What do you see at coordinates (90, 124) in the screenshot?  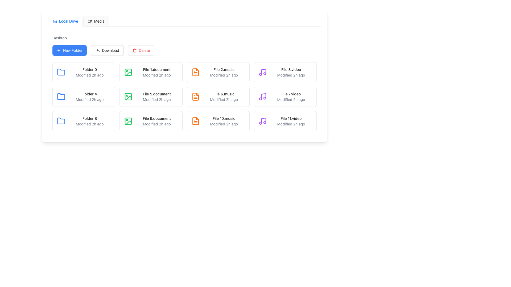 I see `the text label that reads 'Modified 2h ago', which is styled in a smaller gray font and positioned directly below the 'Folder 8' label in the third item of the leftmost column` at bounding box center [90, 124].